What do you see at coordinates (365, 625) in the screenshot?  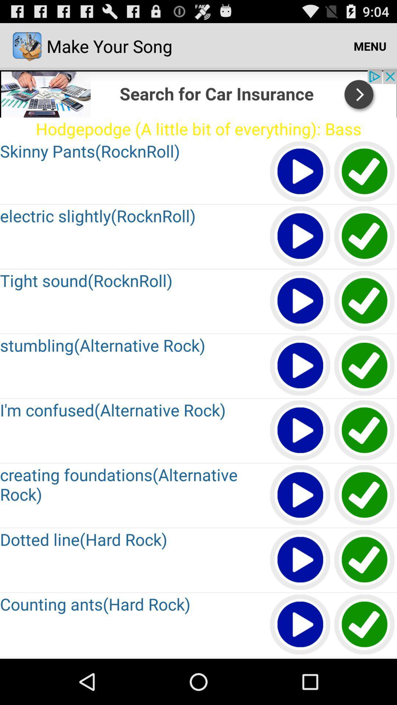 I see `option` at bounding box center [365, 625].